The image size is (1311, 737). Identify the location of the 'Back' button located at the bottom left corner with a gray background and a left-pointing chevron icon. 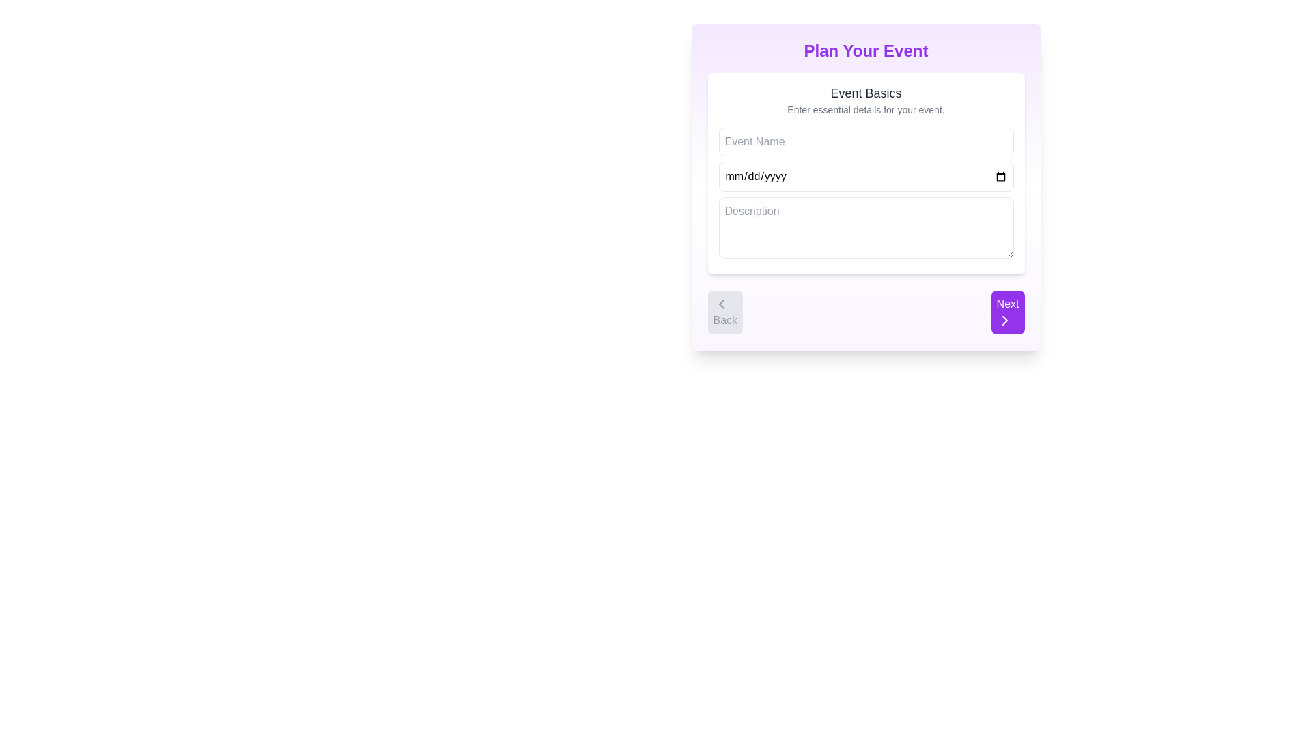
(724, 313).